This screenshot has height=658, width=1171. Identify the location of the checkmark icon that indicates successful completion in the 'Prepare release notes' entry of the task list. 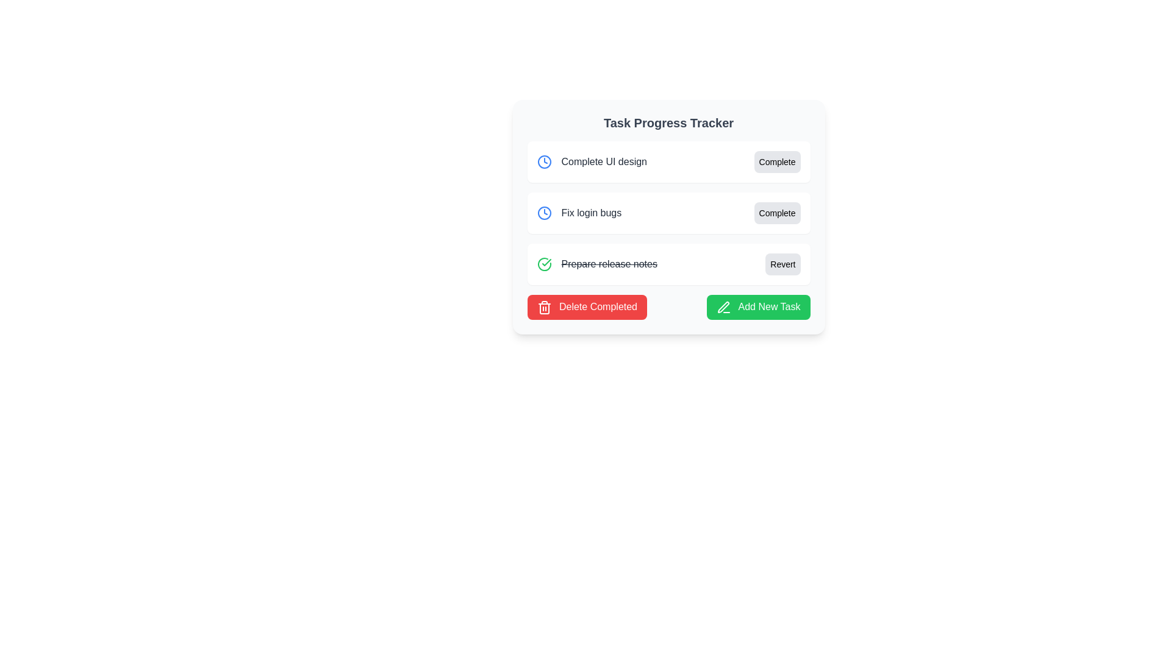
(546, 262).